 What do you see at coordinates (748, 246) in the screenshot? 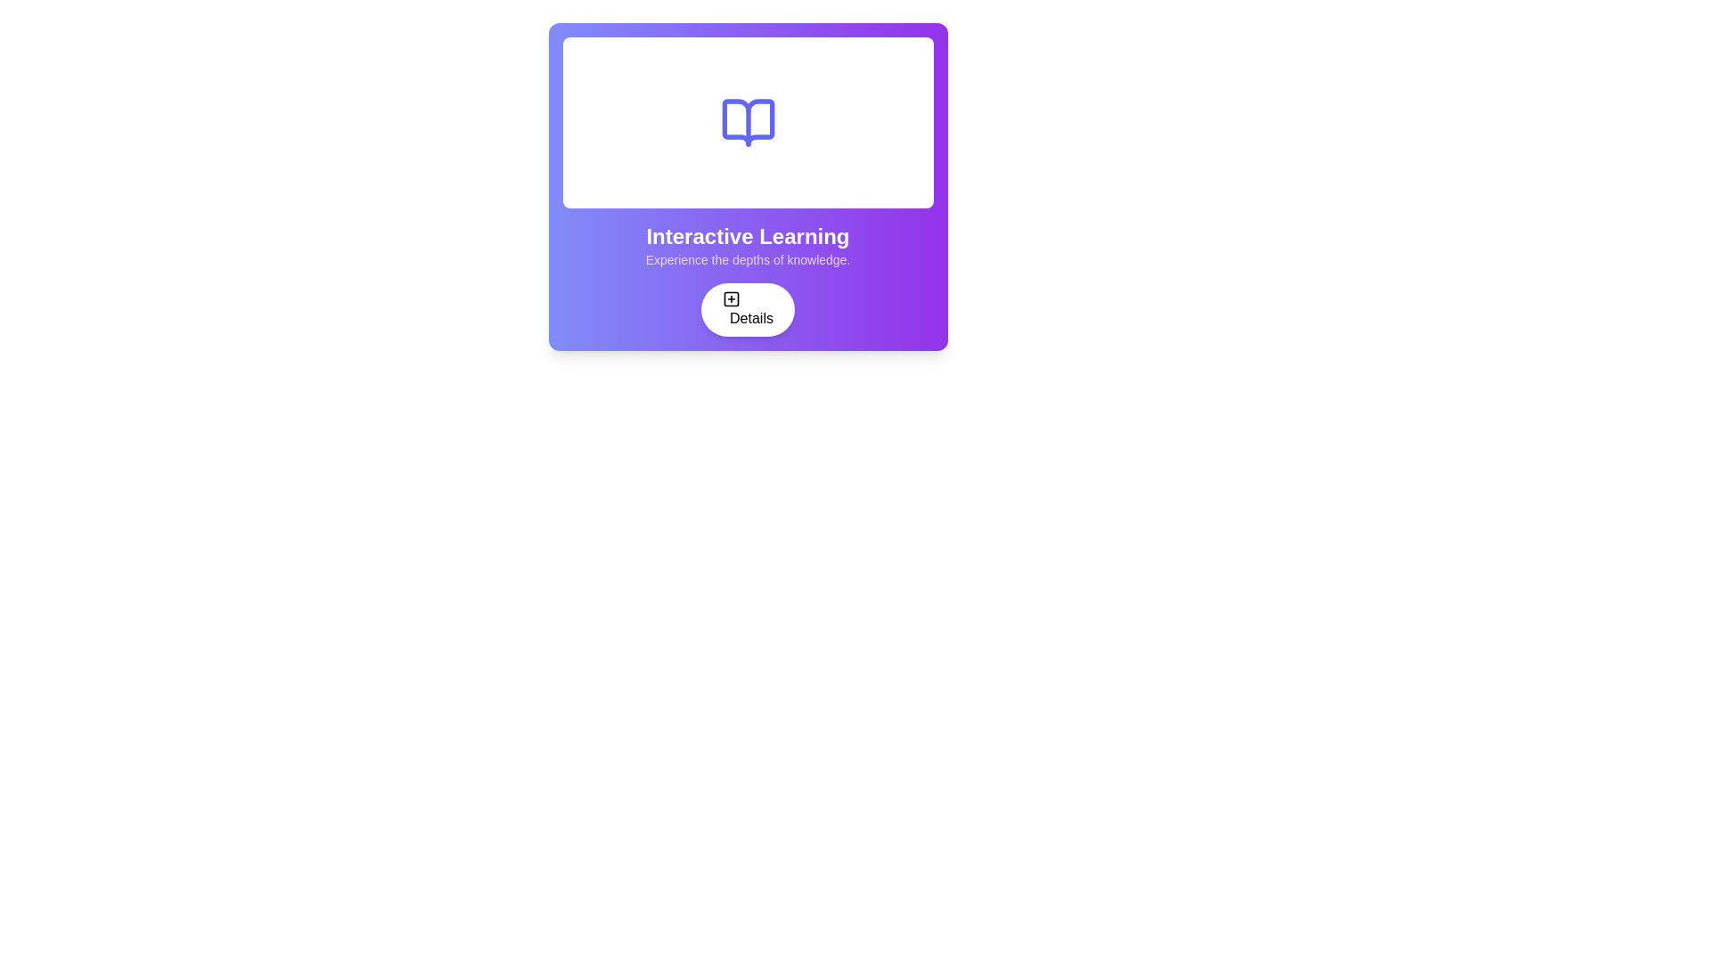
I see `text from the title and description block located within the interactive learning section, which is positioned above the 'Details' button and below the white rectangular section containing an icon` at bounding box center [748, 246].